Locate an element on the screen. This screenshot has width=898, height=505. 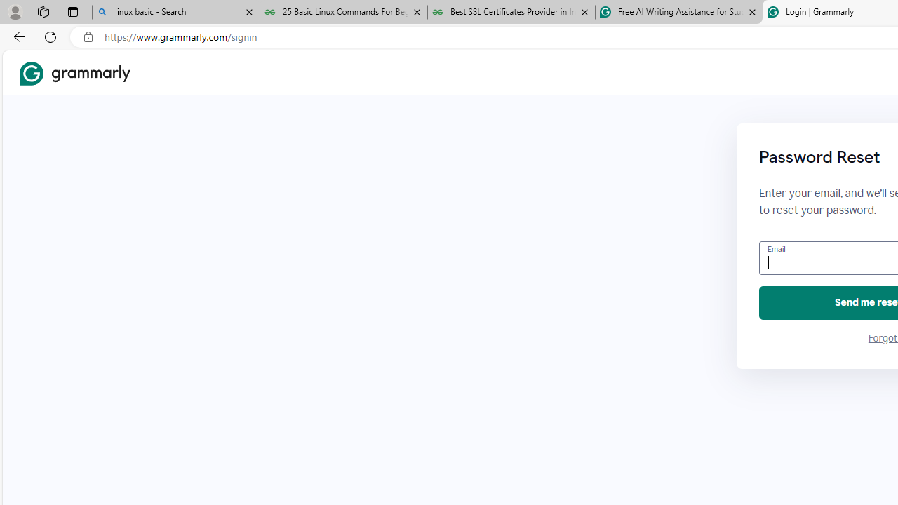
'25 Basic Linux Commands For Beginners - GeeksforGeeks' is located at coordinates (344, 12).